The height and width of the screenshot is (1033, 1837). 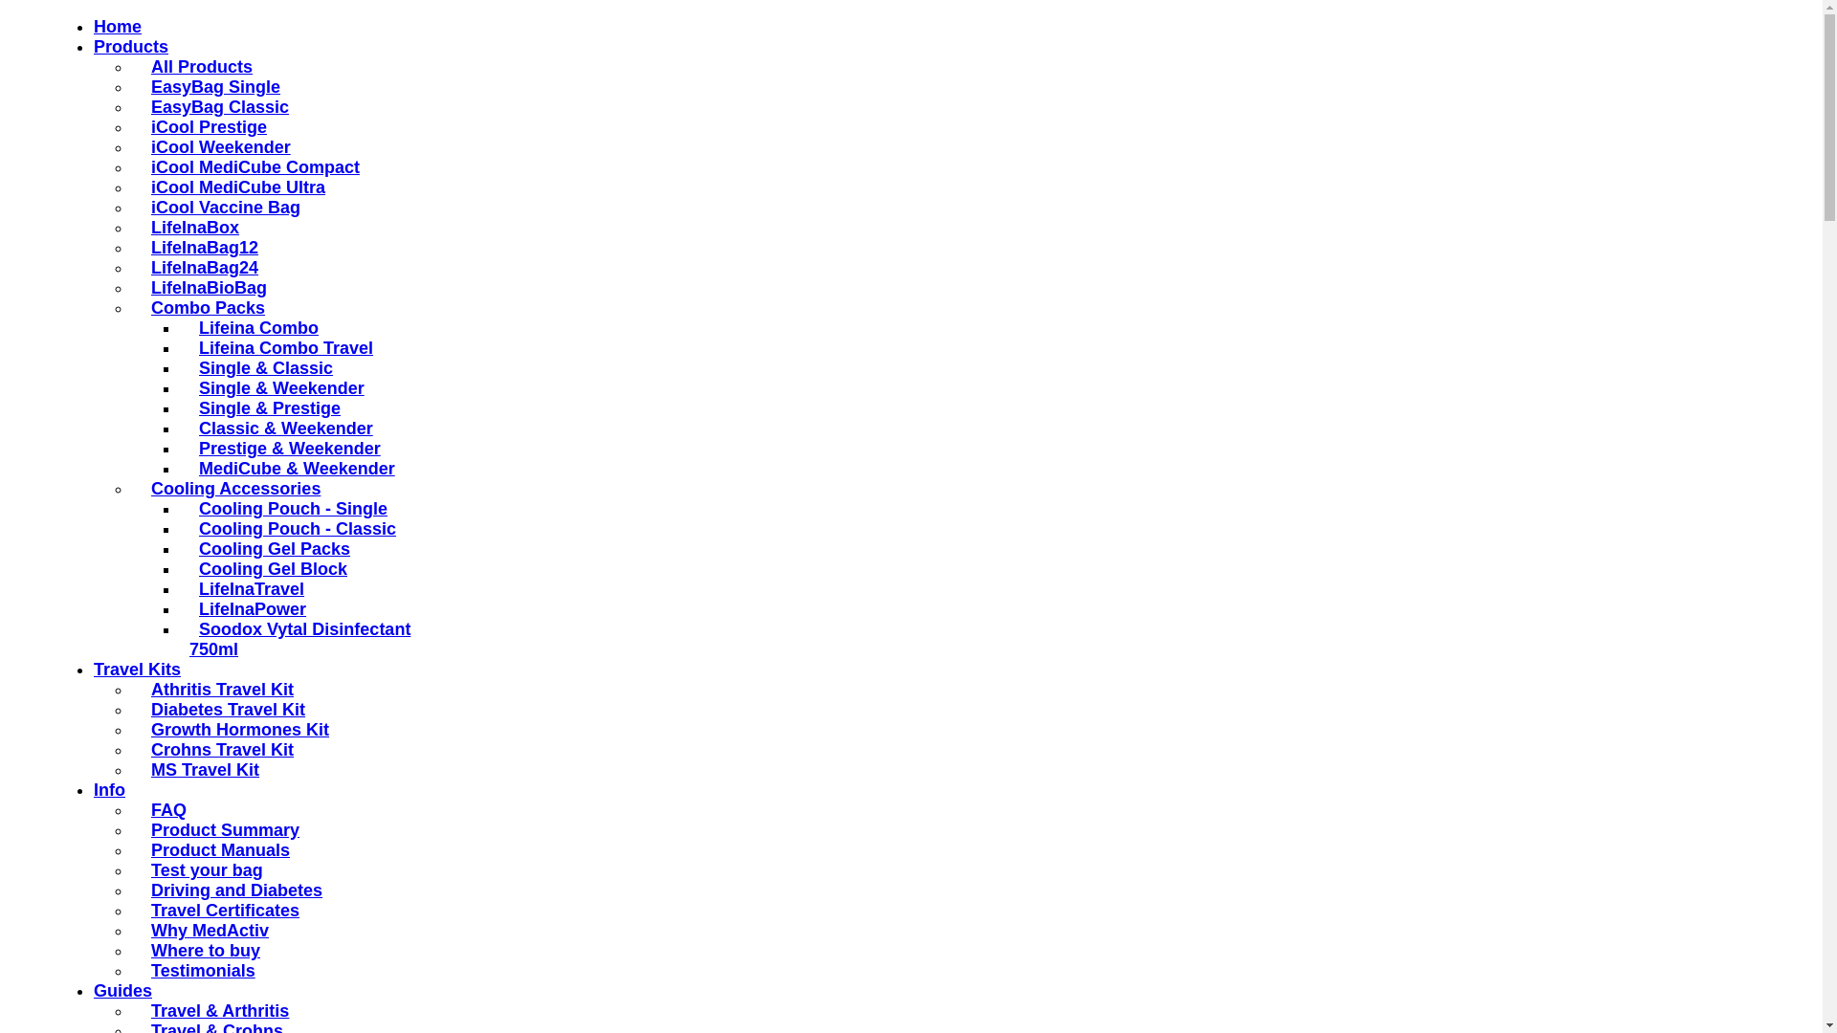 I want to click on 'MediCube & Weekender', so click(x=291, y=468).